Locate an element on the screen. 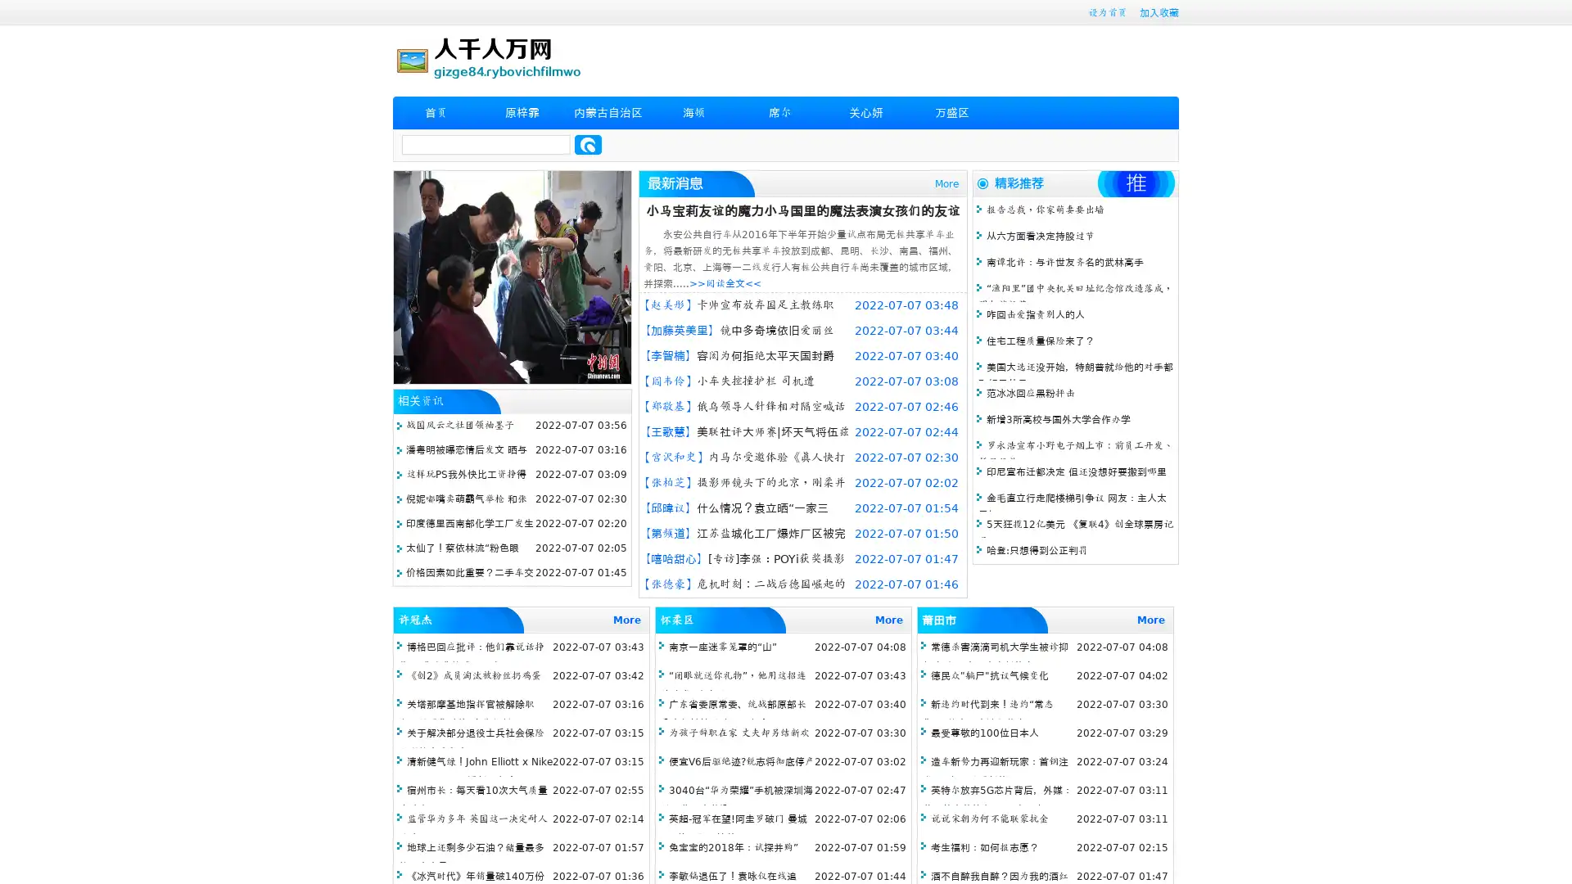  Search is located at coordinates (588, 144).